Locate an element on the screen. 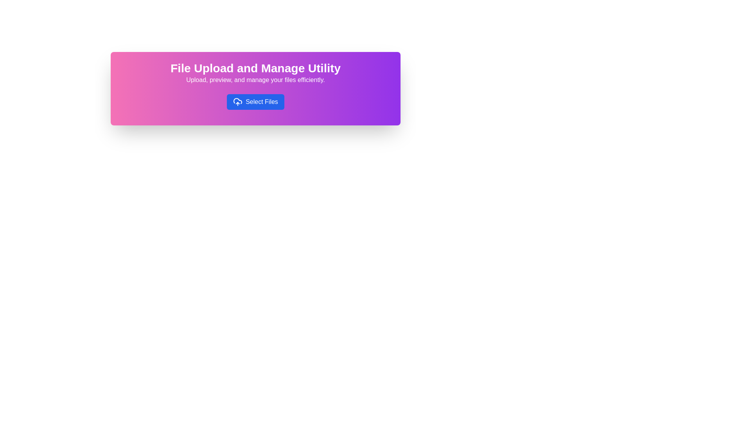 This screenshot has height=422, width=751. the text label that reads 'Upload, preview, and manage your files efficiently.' which is centrally aligned below the title 'File Upload and Manage Utility' is located at coordinates (255, 80).